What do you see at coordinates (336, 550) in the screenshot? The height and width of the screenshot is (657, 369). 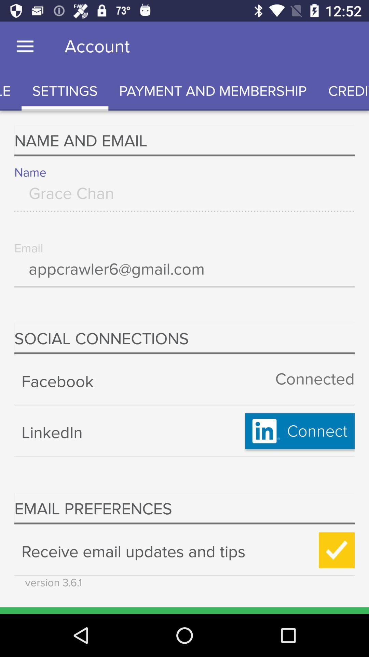 I see `to receive updates` at bounding box center [336, 550].